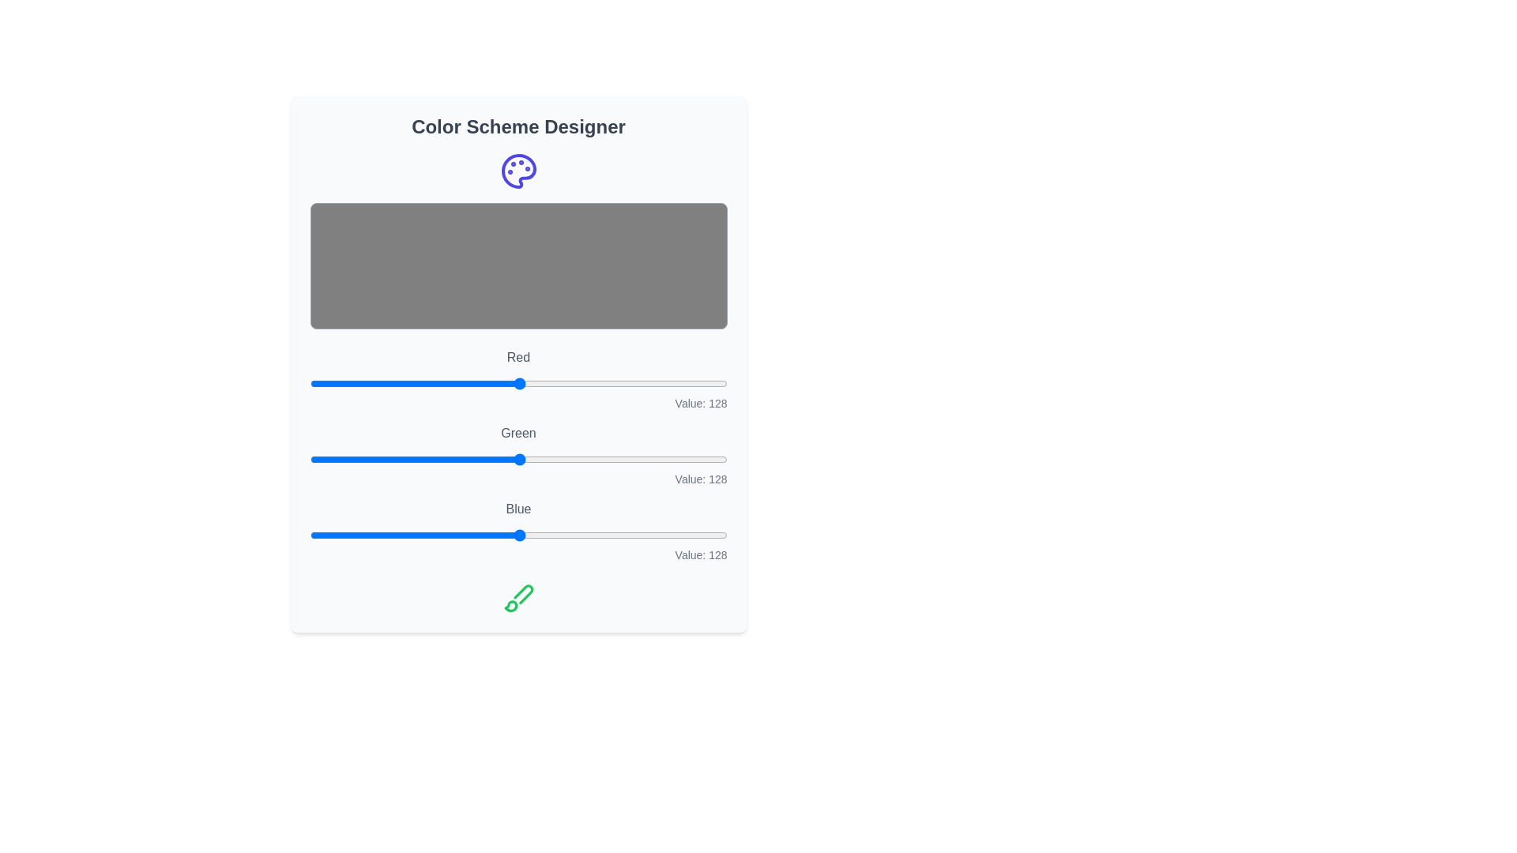 The width and height of the screenshot is (1517, 853). What do you see at coordinates (518, 357) in the screenshot?
I see `the Static Text element displaying the word 'Red', which is styled in gray color and located above a horizontal slider` at bounding box center [518, 357].